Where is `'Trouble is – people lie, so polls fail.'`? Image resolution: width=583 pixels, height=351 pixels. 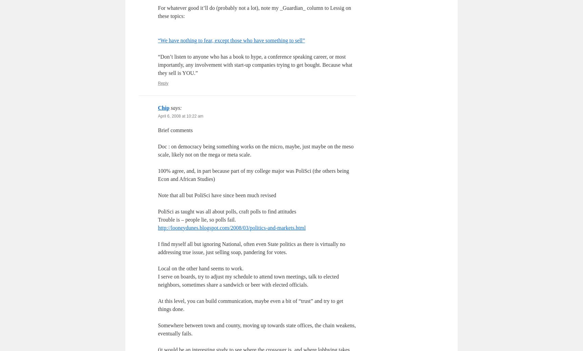
'Trouble is – people lie, so polls fail.' is located at coordinates (197, 219).